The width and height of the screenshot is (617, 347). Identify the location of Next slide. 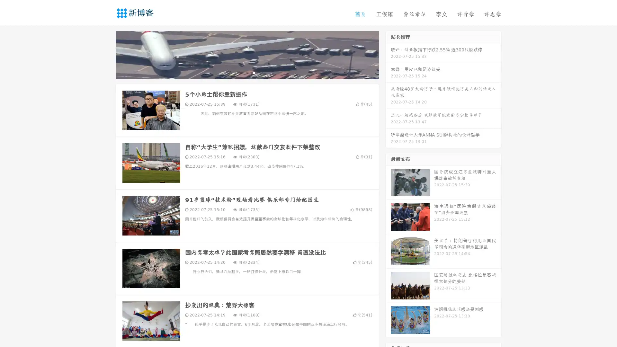
(388, 54).